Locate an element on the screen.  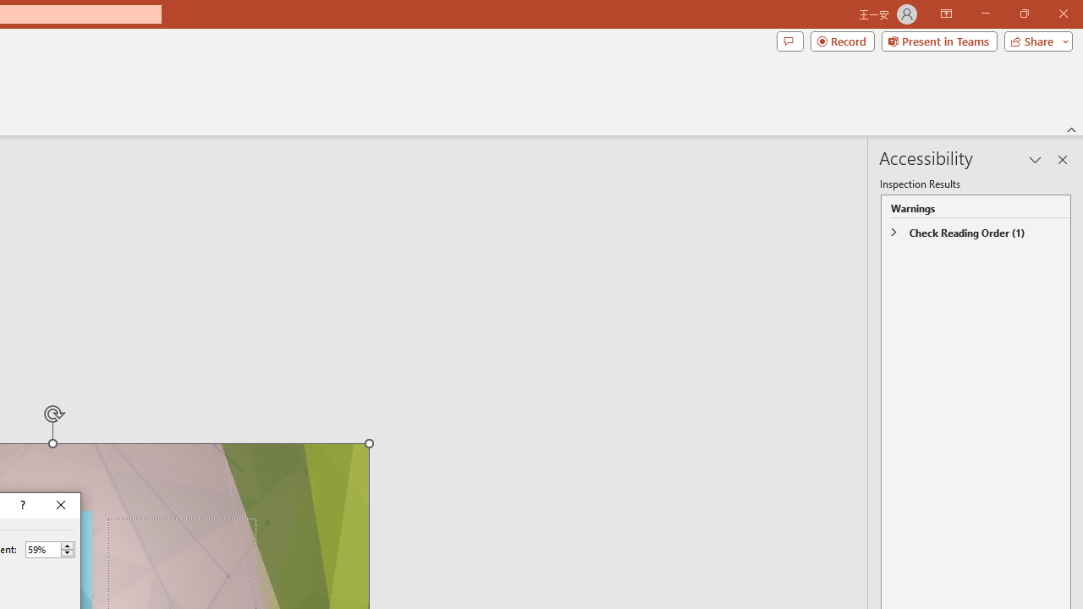
'Percent' is located at coordinates (50, 550).